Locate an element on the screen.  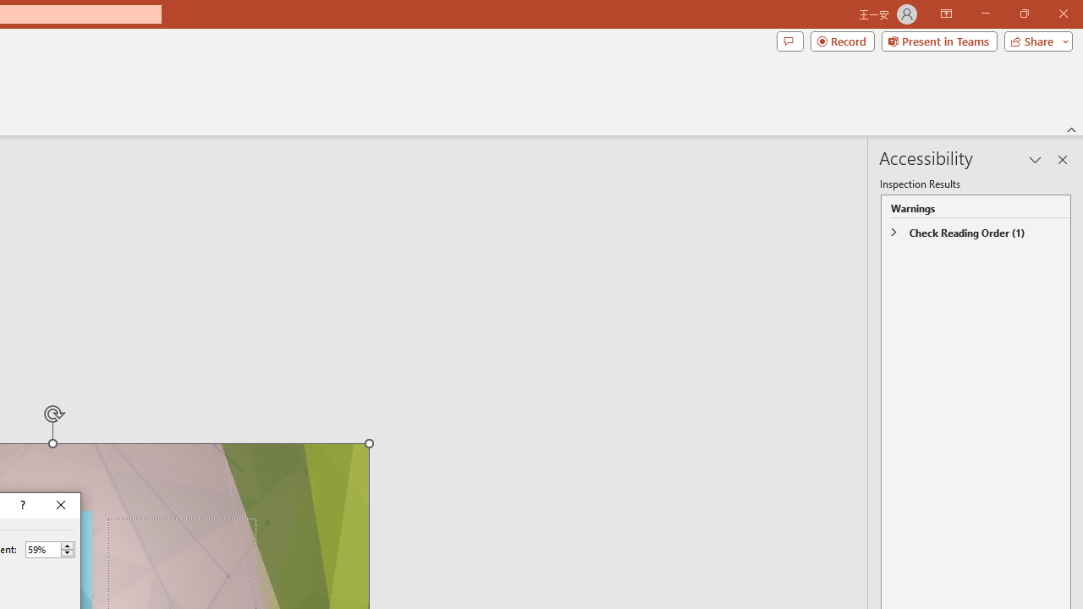
'Percent' is located at coordinates (50, 550).